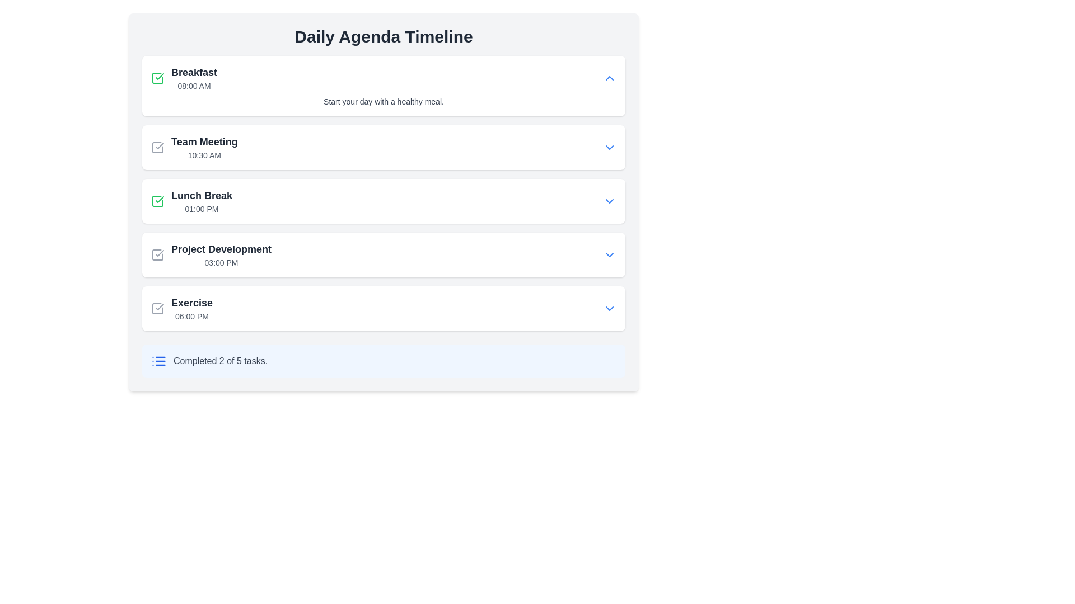 The width and height of the screenshot is (1075, 604). What do you see at coordinates (202, 200) in the screenshot?
I see `the informational label displaying 'Lunch Break' with the time '01:00 PM' located in the third row of the agenda list` at bounding box center [202, 200].